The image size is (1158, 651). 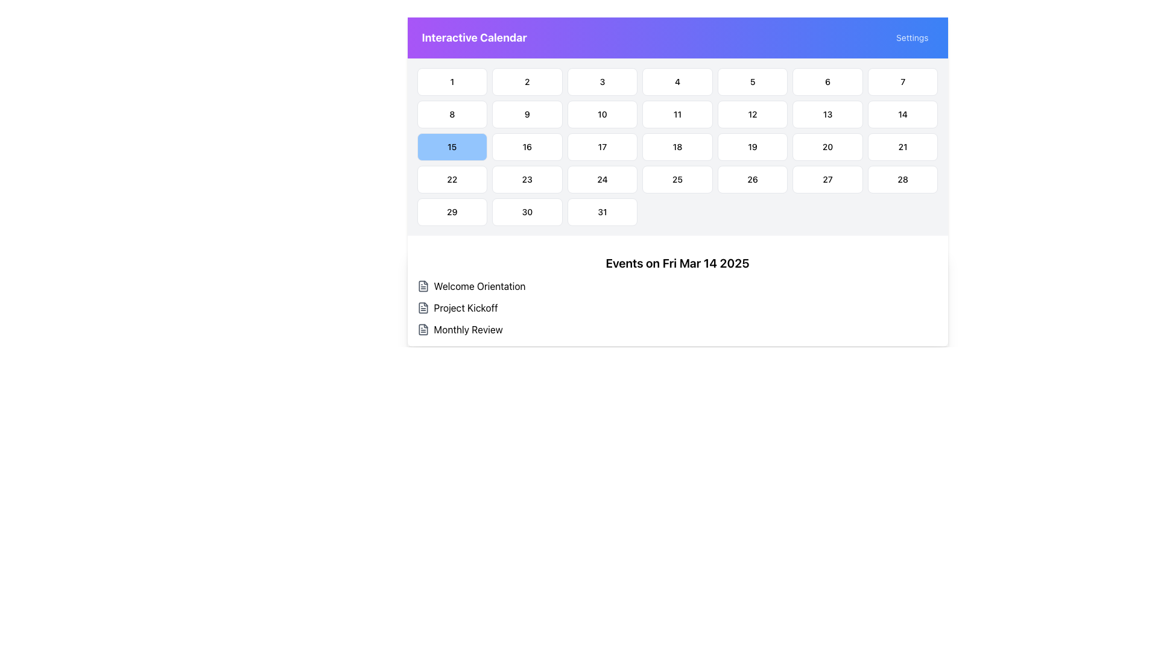 What do you see at coordinates (677, 146) in the screenshot?
I see `the button displaying '18' located in the third row and fourth column of the calendar grid` at bounding box center [677, 146].